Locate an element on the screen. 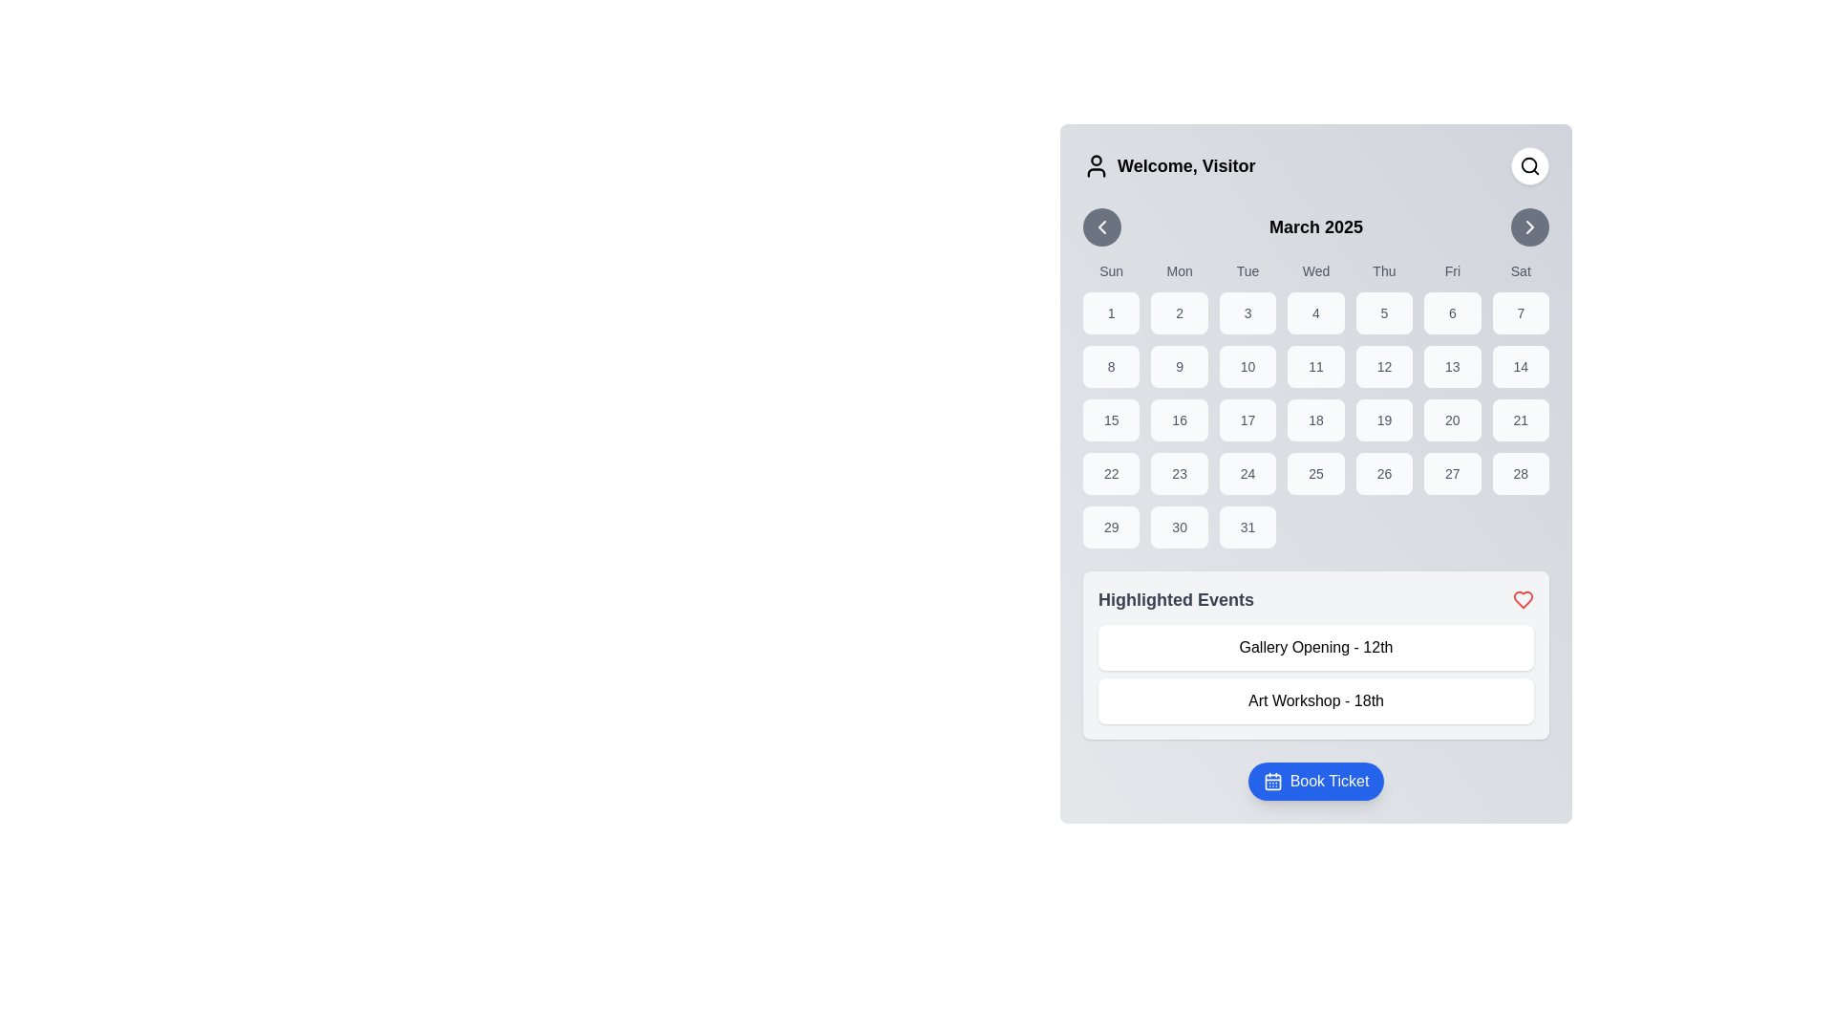 The width and height of the screenshot is (1834, 1032). the Calendar Day Cell element displaying the number '2' in the second column of the grid under the 'Mon' header is located at coordinates (1179, 312).